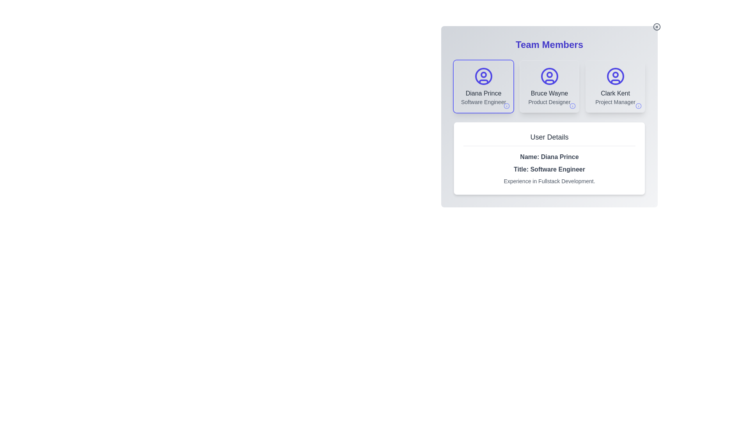  I want to click on the circular close or delete button located at the upper right corner of the User Details card, so click(657, 27).